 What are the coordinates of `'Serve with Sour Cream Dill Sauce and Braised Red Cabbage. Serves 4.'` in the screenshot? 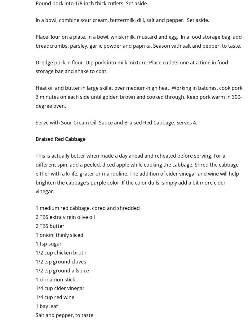 It's located at (116, 122).